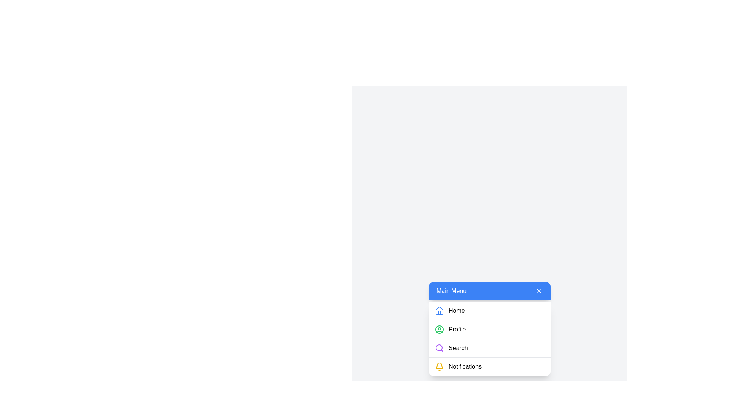  What do you see at coordinates (440, 311) in the screenshot?
I see `the blue house icon in the 'Home' menu item, which is the first item in the vertical navigation menu` at bounding box center [440, 311].